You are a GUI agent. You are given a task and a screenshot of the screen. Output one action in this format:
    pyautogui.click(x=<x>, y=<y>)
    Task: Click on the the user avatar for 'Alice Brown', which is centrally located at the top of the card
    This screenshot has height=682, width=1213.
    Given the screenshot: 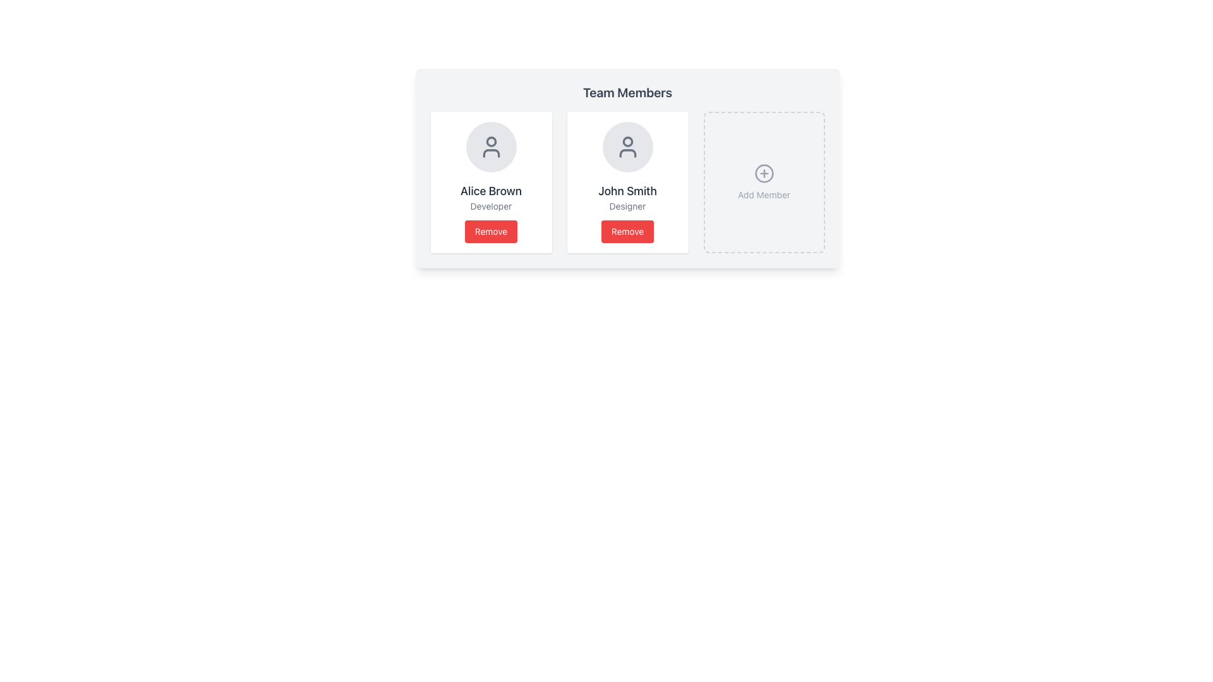 What is the action you would take?
    pyautogui.click(x=490, y=146)
    